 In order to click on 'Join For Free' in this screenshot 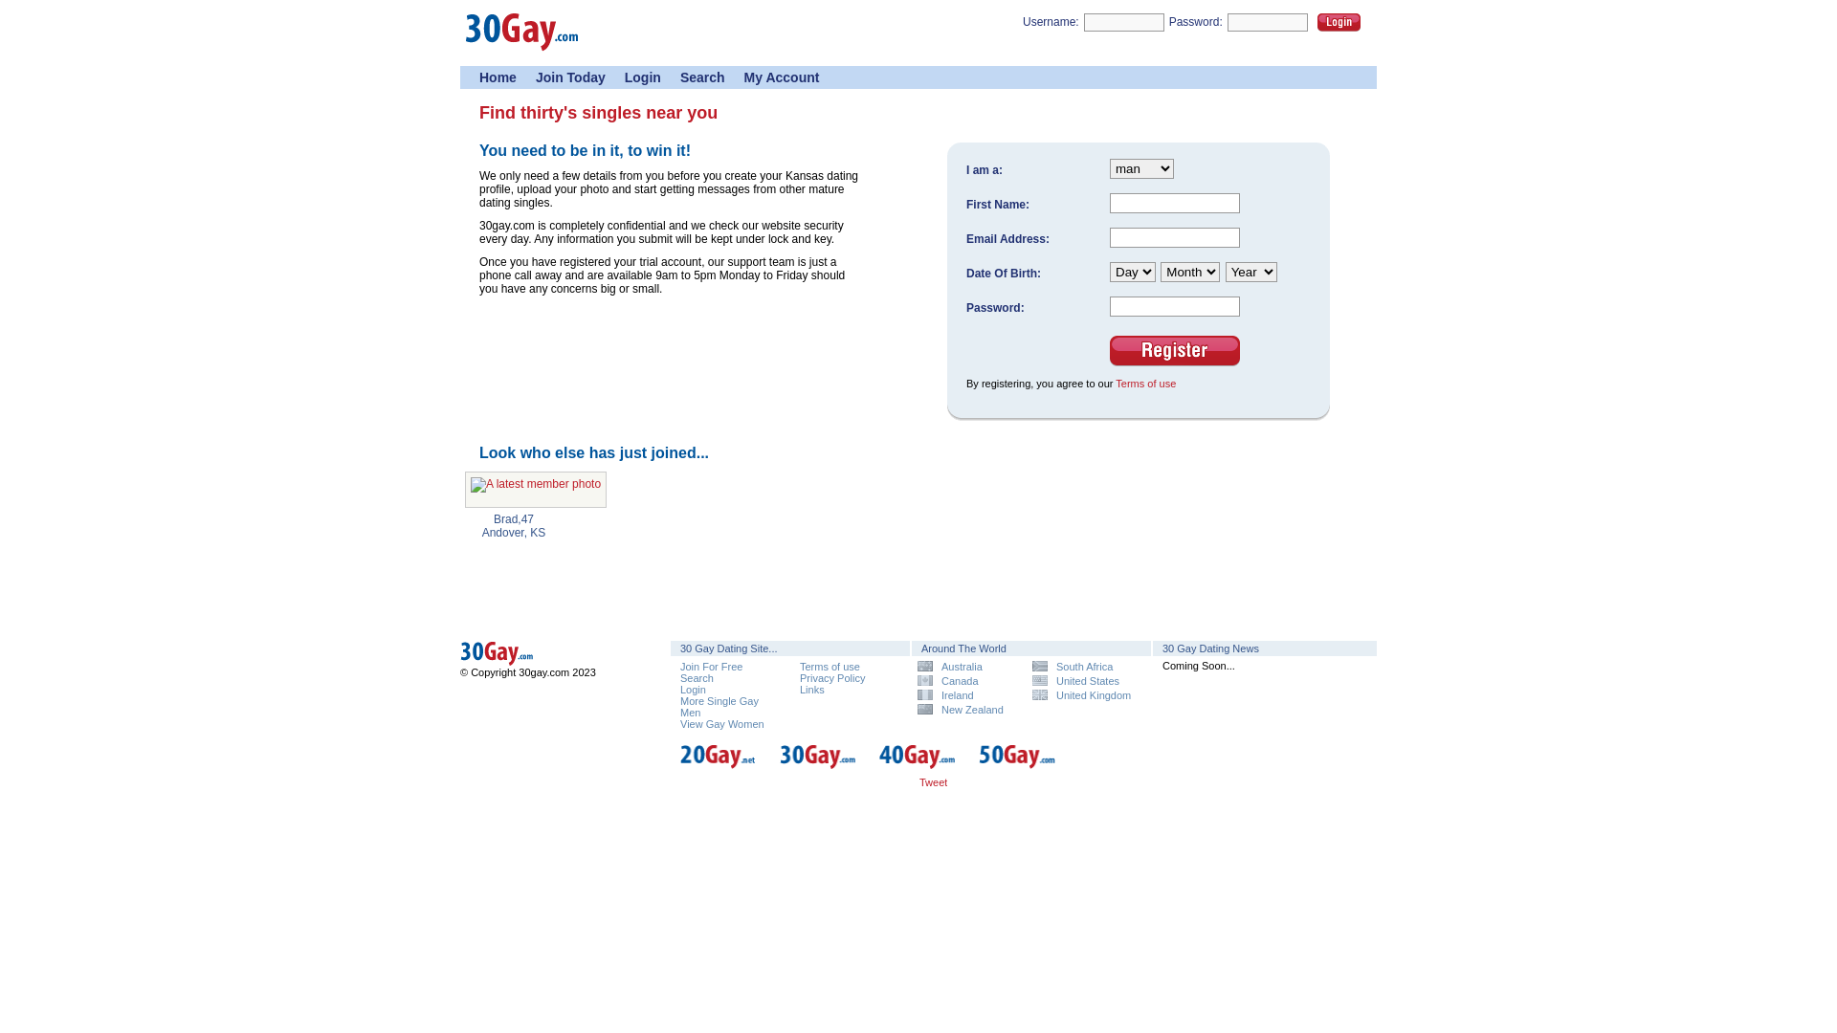, I will do `click(710, 666)`.